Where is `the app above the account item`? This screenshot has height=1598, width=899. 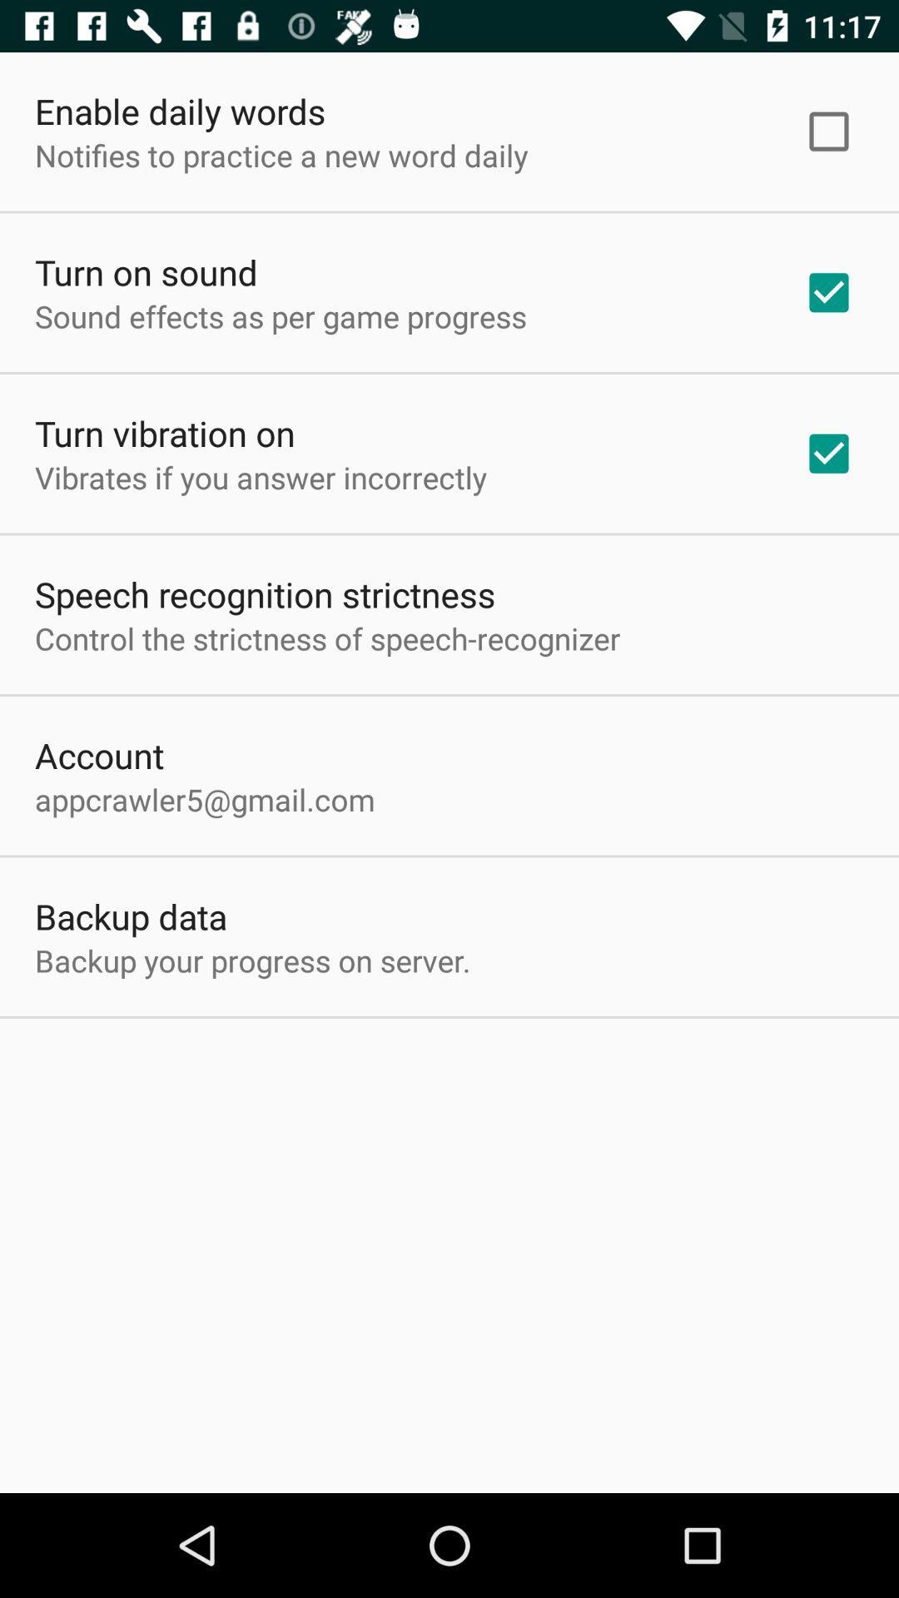 the app above the account item is located at coordinates (327, 638).